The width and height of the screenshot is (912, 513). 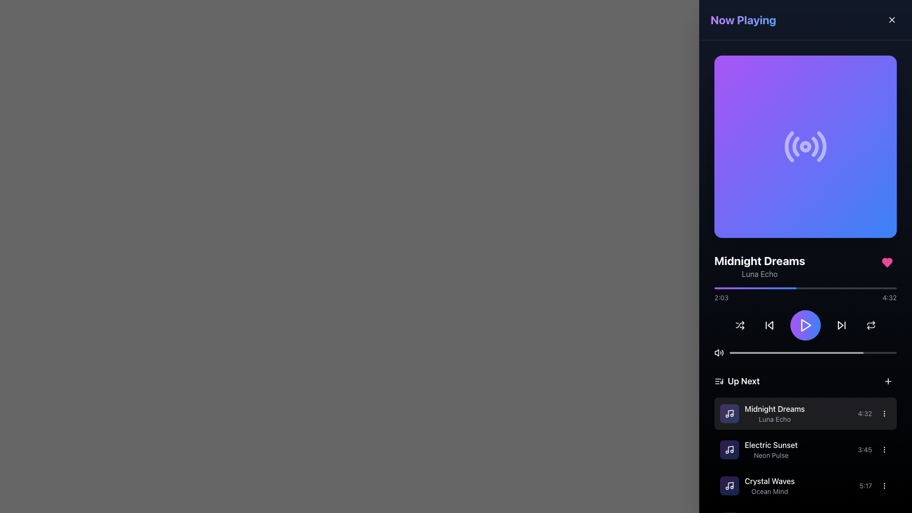 I want to click on the text element displaying 'Ocean Mind', which is styled in a smaller, lighter gray font and located beneath 'Crystal Waves' in the 'Up Next' list section, so click(x=769, y=491).